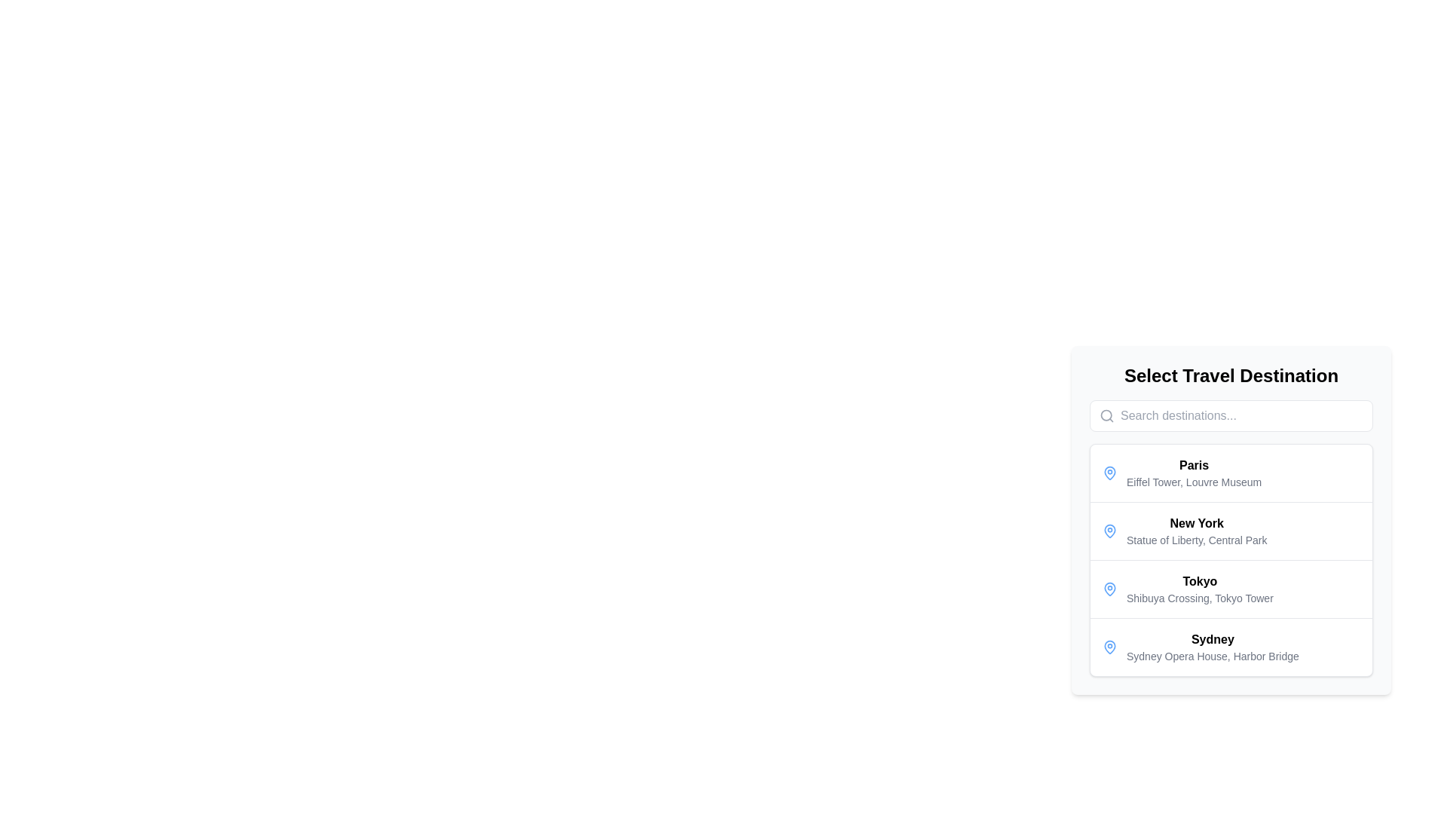  I want to click on the circular component of the magnifying glass icon used for the search function, located at the specified coordinates, so click(1106, 415).